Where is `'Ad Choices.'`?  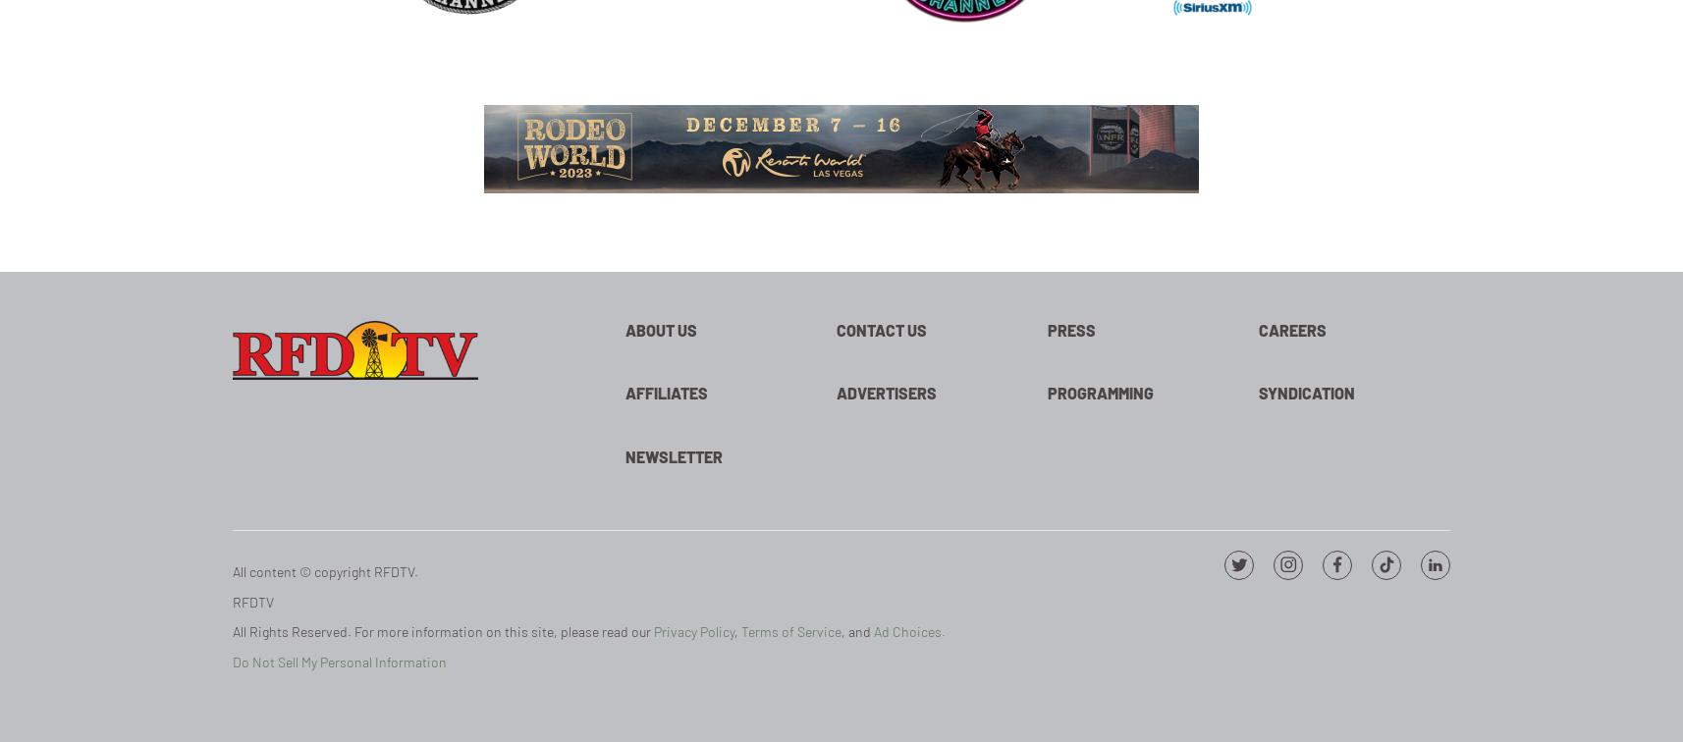
'Ad Choices.' is located at coordinates (908, 631).